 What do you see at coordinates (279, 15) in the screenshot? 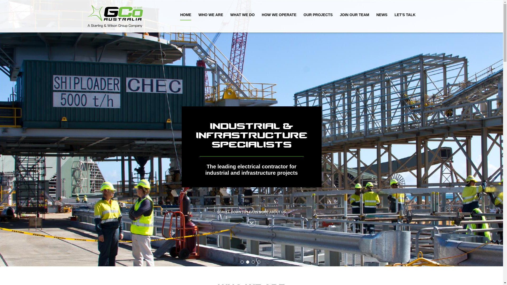
I see `'HOW WE OPERATE'` at bounding box center [279, 15].